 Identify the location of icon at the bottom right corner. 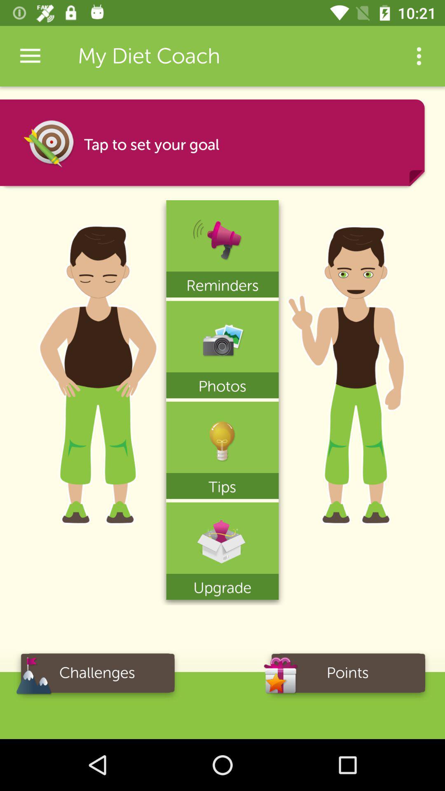
(348, 676).